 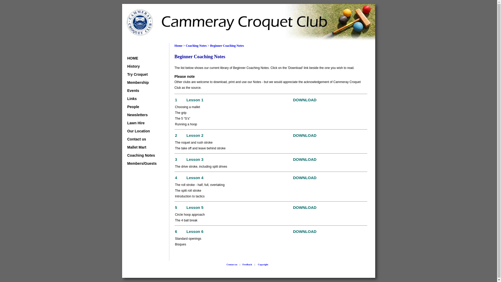 I want to click on 'Newsletters', so click(x=127, y=114).